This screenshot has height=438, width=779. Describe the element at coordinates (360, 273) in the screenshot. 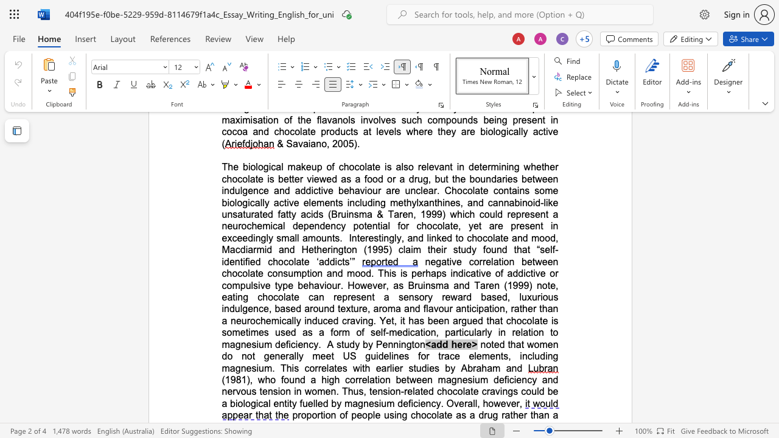

I see `the space between the continuous character "o" and "o" in the text` at that location.